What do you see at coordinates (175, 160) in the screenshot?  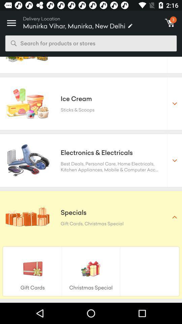 I see `second dropdown from the top` at bounding box center [175, 160].